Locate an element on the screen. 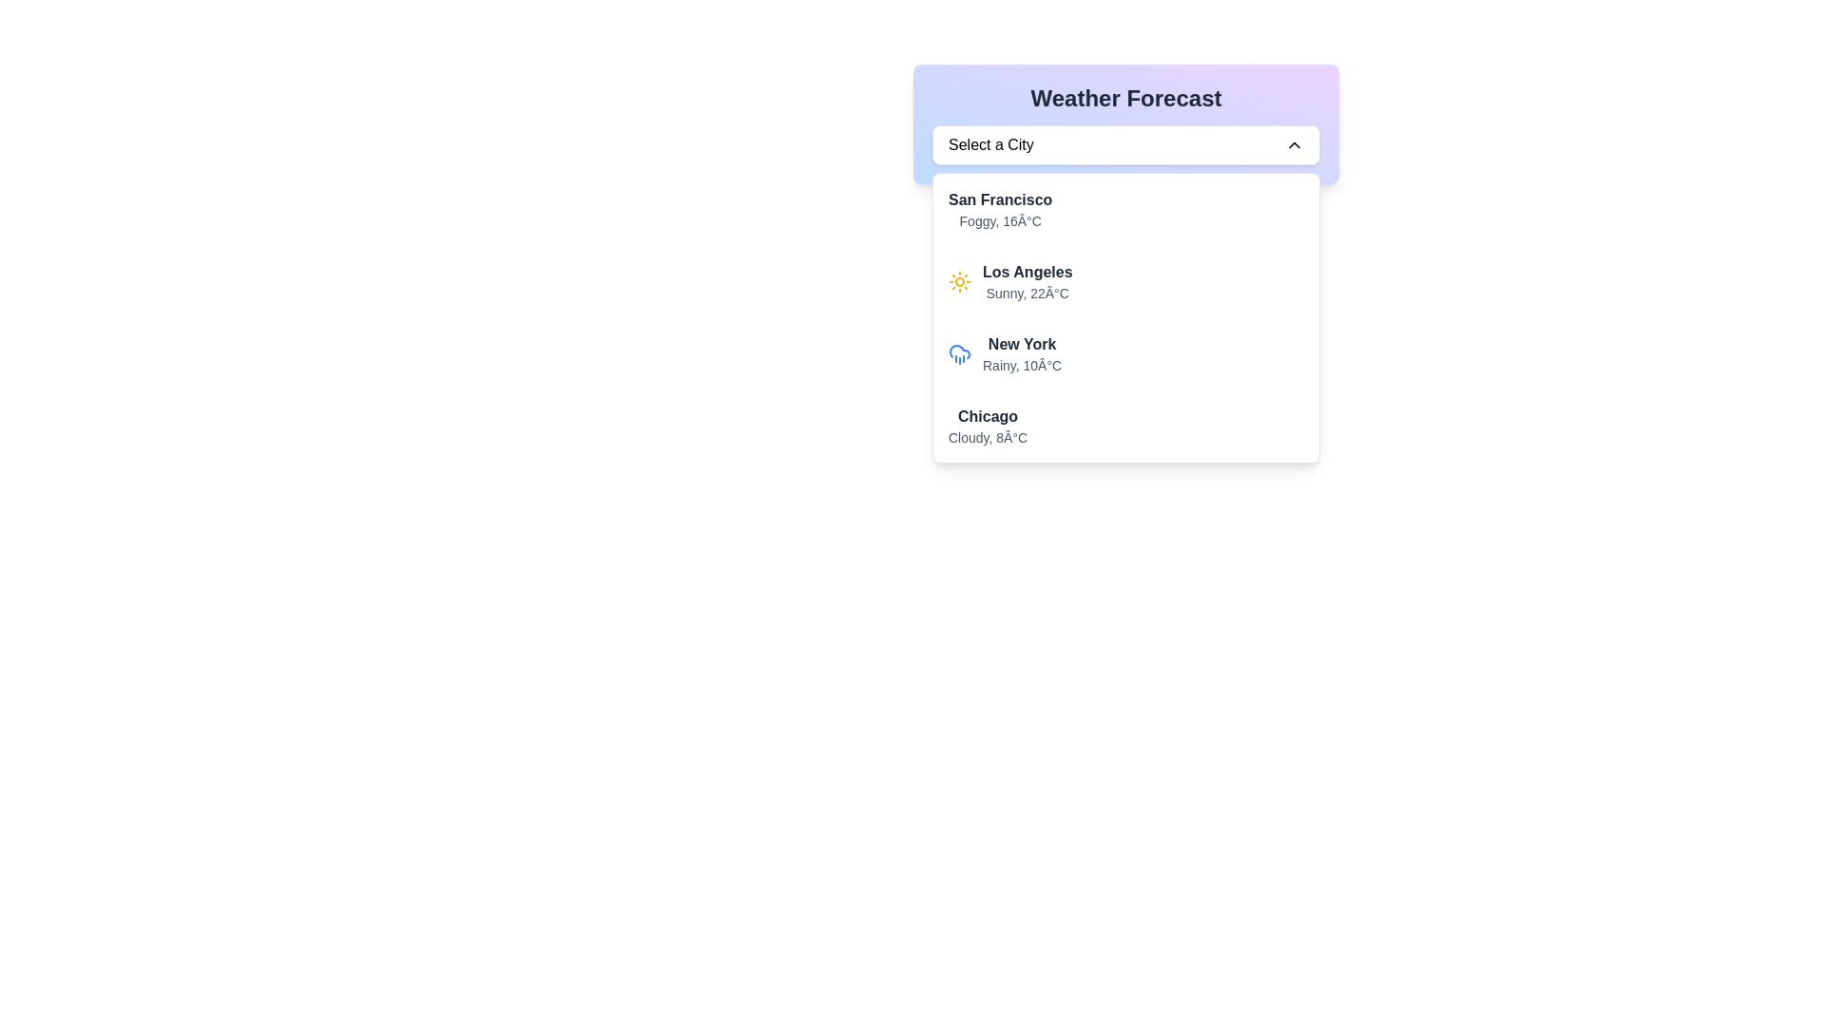  the 'Select a City' dropdown menu in the 'Weather Forecast' section is located at coordinates (1126, 124).